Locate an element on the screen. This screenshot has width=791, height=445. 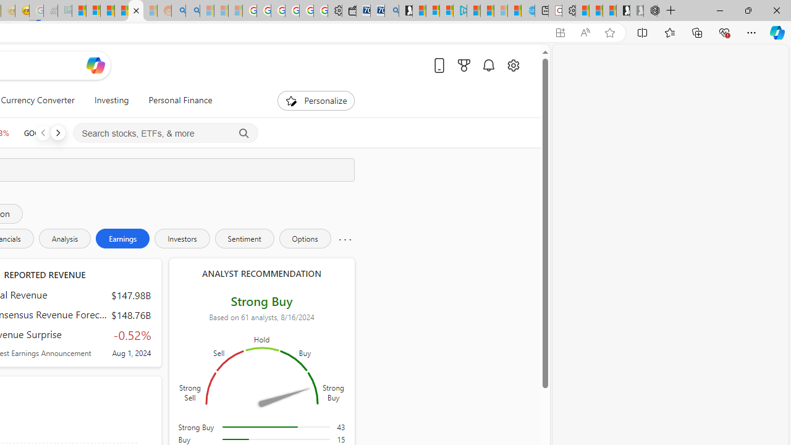
'Analysis' is located at coordinates (64, 238).